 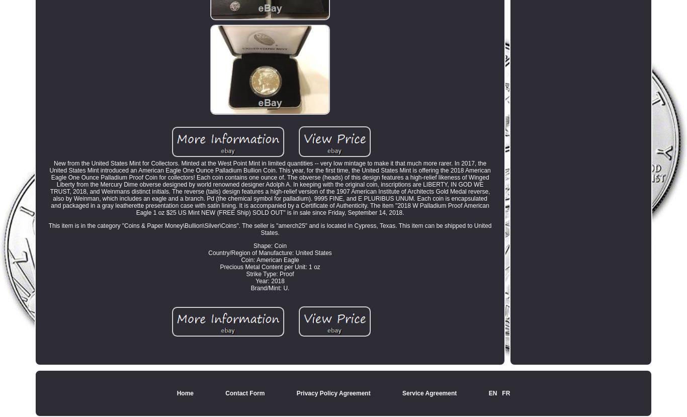 What do you see at coordinates (270, 245) in the screenshot?
I see `'Shape: Coin'` at bounding box center [270, 245].